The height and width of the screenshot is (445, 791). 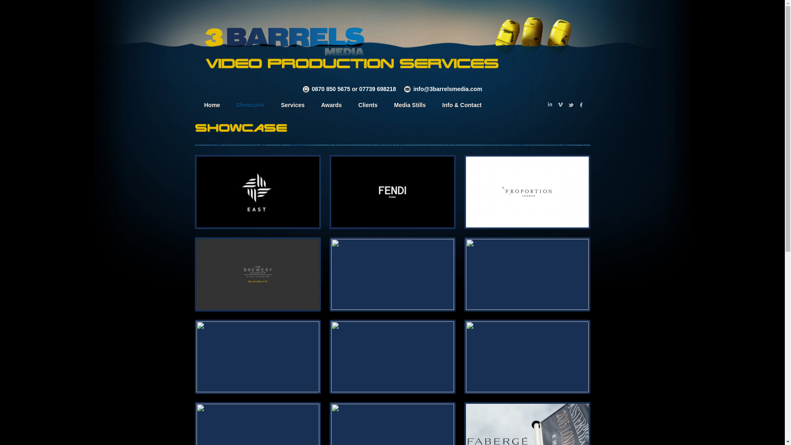 What do you see at coordinates (257, 192) in the screenshot?
I see `'East Autumn Winter Collection 2017'` at bounding box center [257, 192].